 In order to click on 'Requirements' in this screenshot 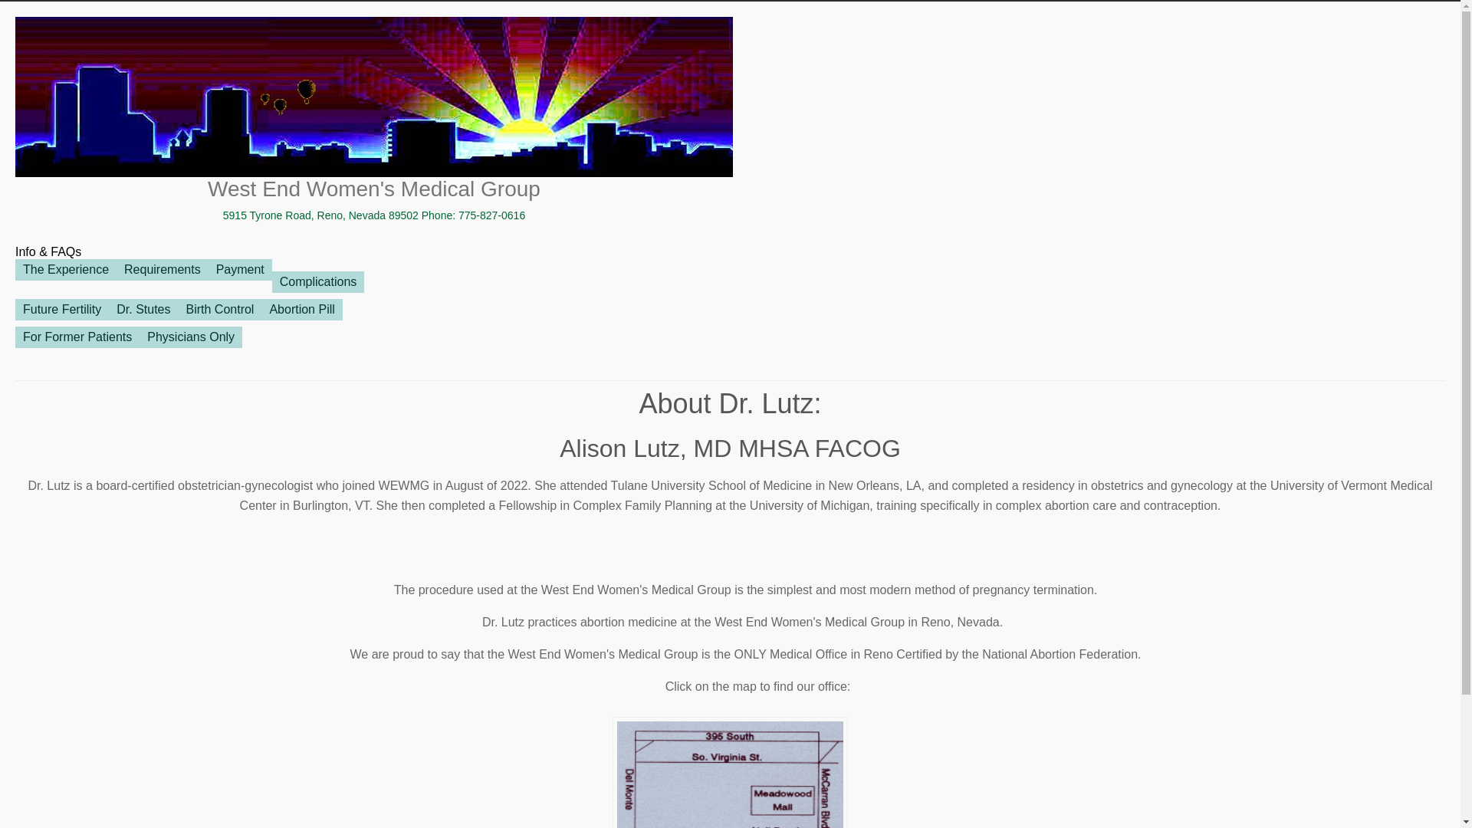, I will do `click(162, 268)`.